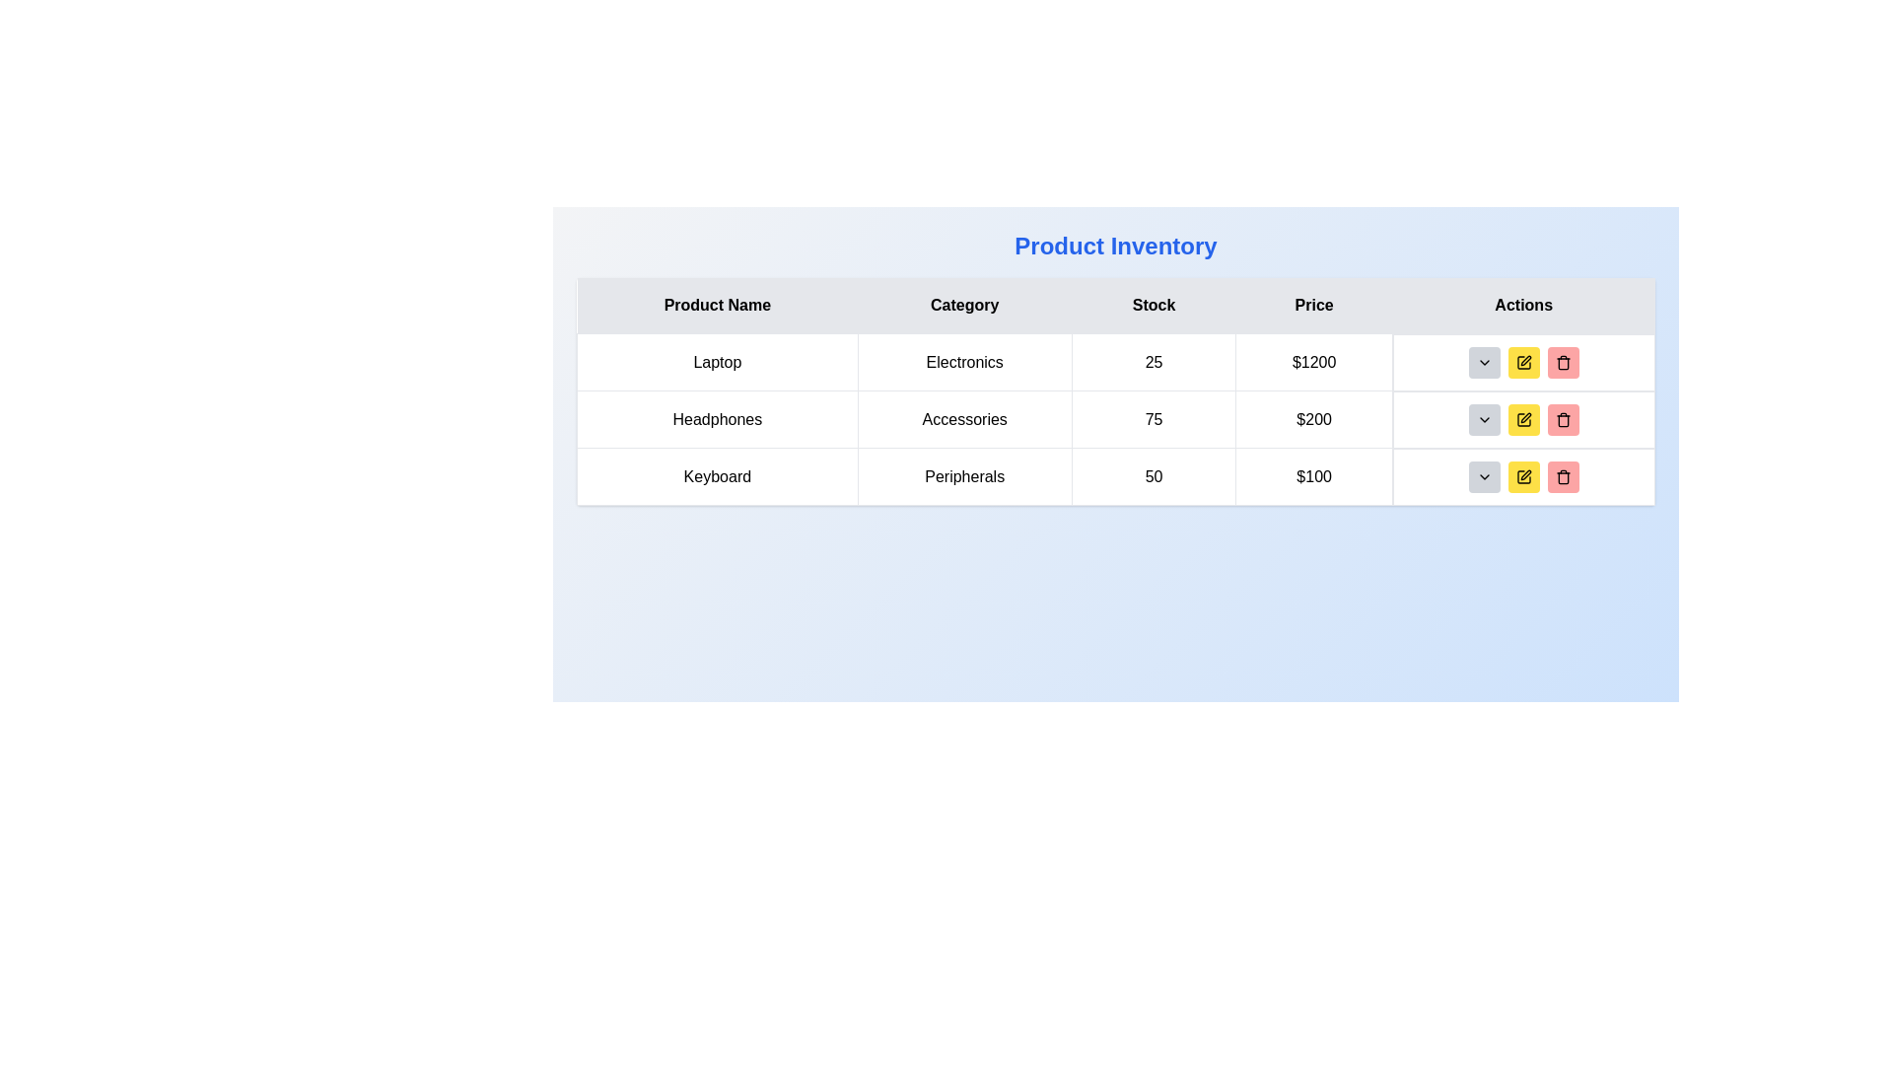 This screenshot has height=1065, width=1893. I want to click on the text display showing '$100' in the 'Price' column of the third row in the table for the 'Keyboard' item, so click(1314, 476).